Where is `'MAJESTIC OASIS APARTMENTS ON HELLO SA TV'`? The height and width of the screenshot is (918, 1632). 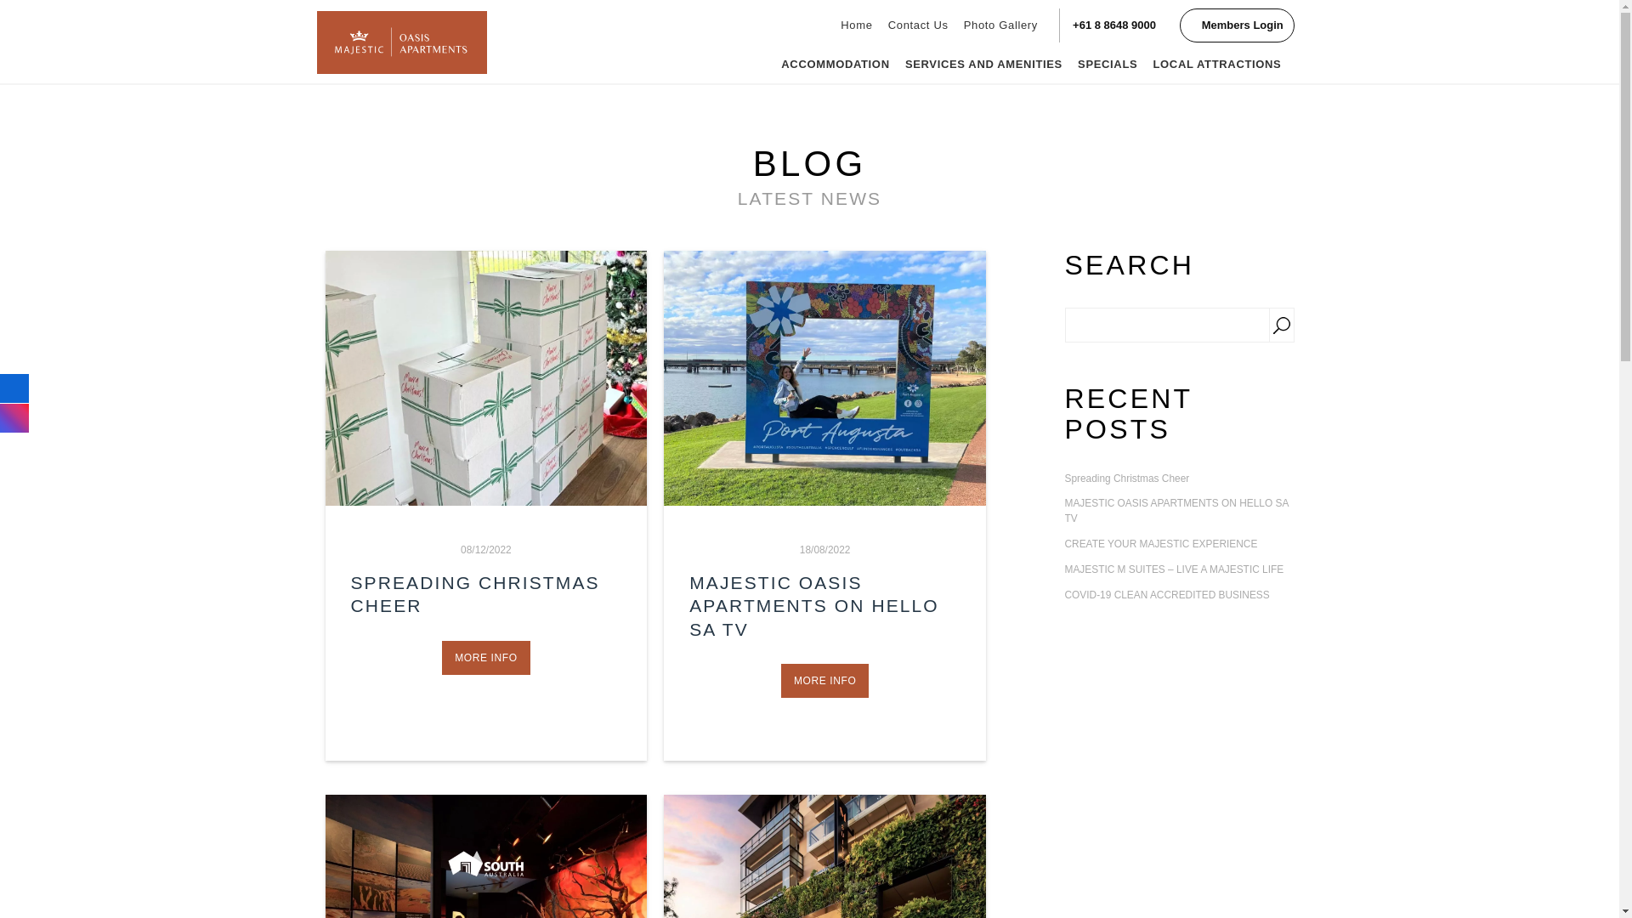
'MAJESTIC OASIS APARTMENTS ON HELLO SA TV' is located at coordinates (813, 605).